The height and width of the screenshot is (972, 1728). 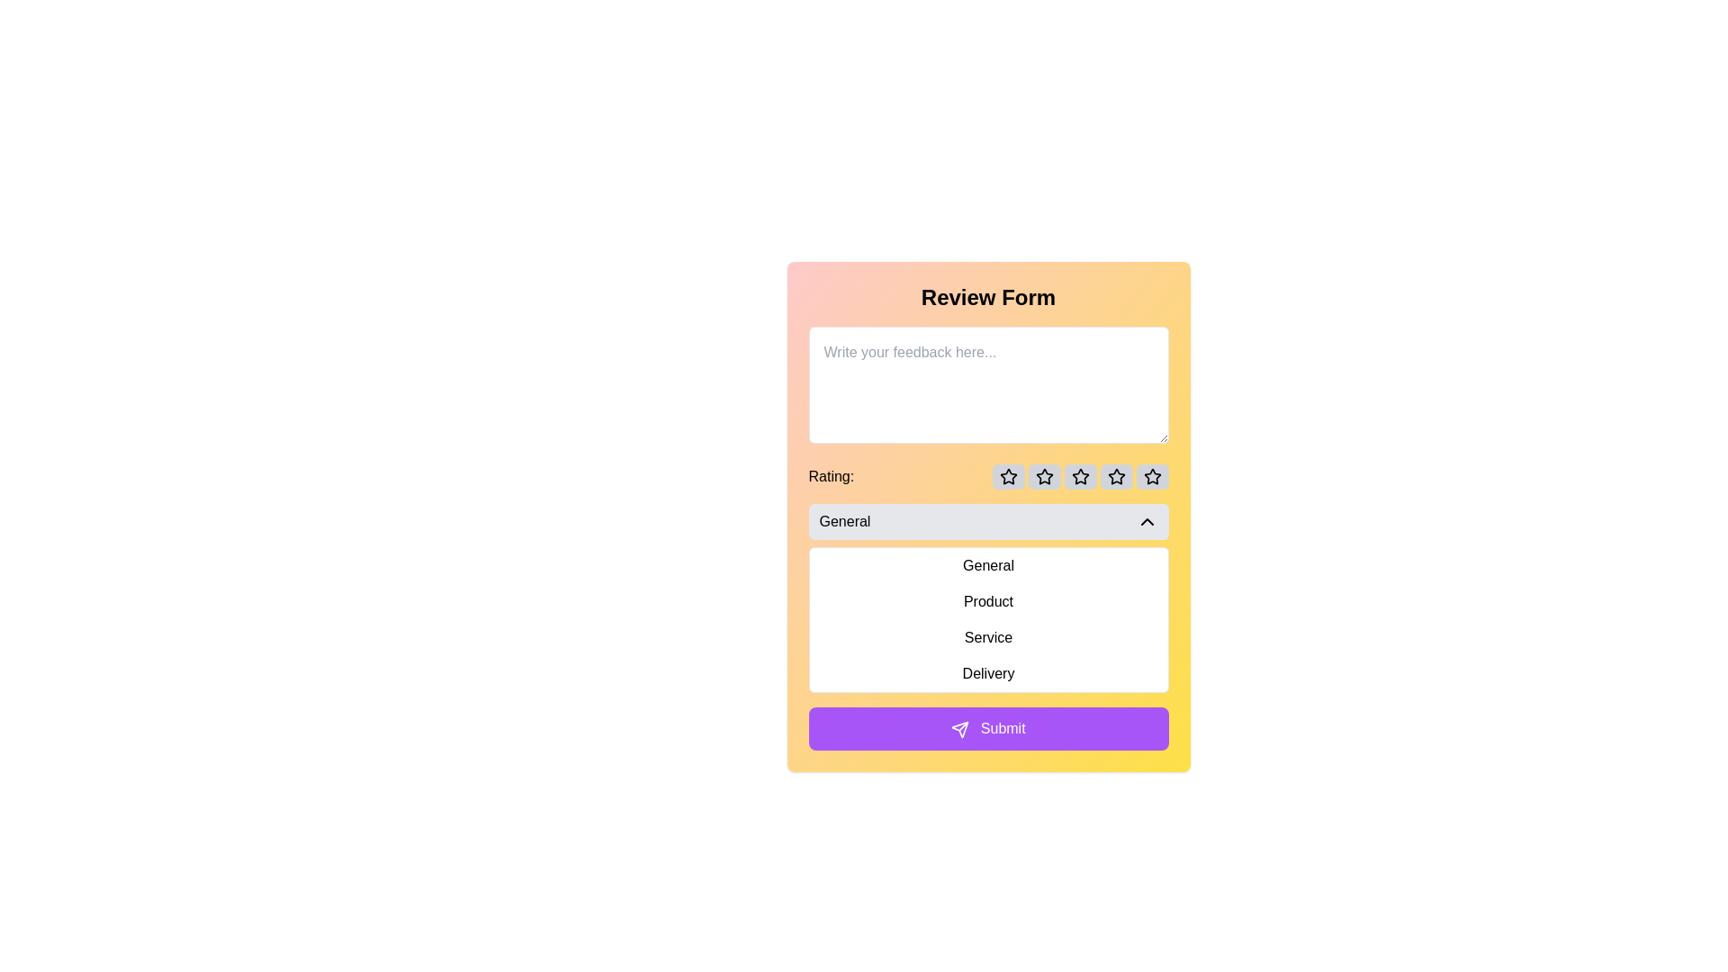 I want to click on the fourth star in the rating input section, so click(x=1080, y=475).